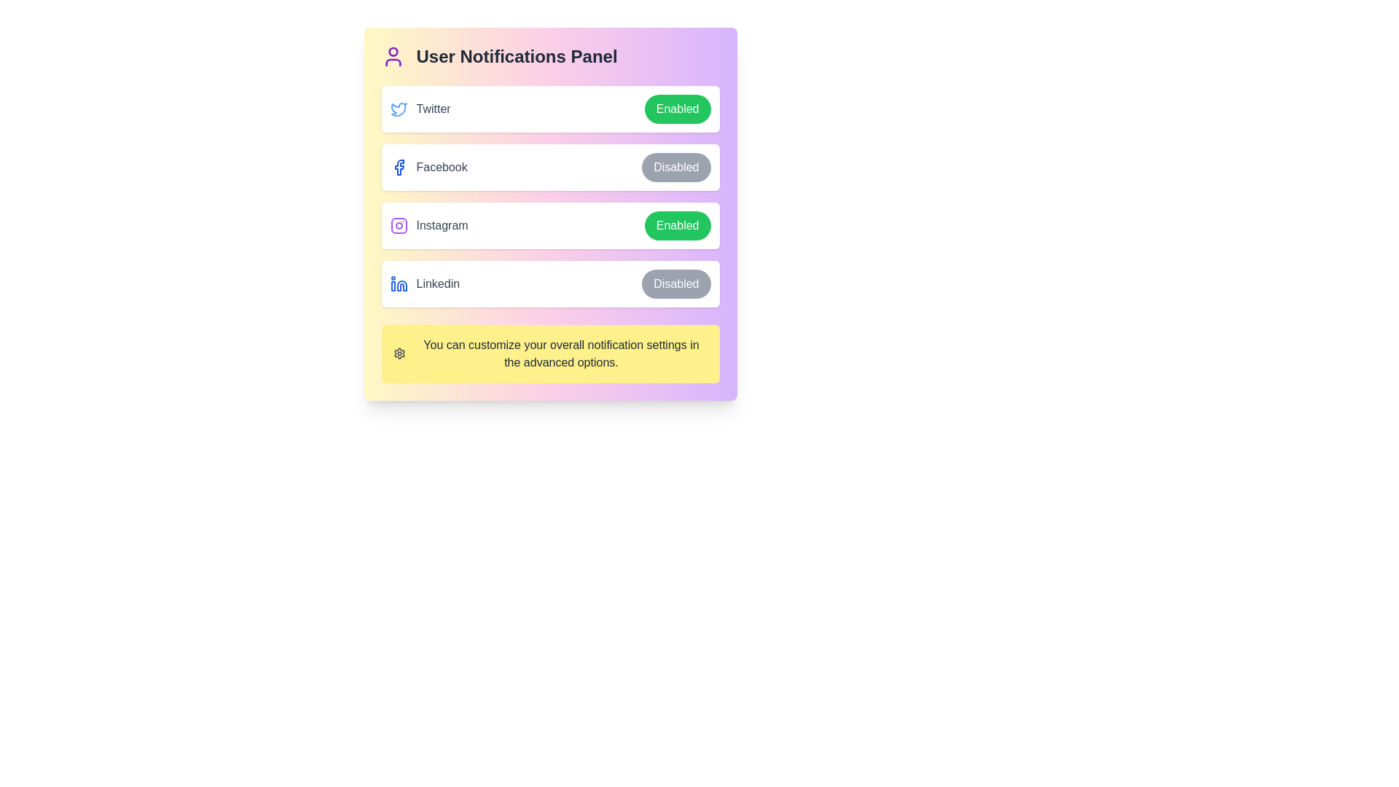 Image resolution: width=1399 pixels, height=787 pixels. What do you see at coordinates (420, 109) in the screenshot?
I see `the Twitter icon in the User Notifications Panel, which is a List item with an icon and text, located above the rows for Facebook, Instagram, and LinkedIn and to the left of the 'Enabled' button` at bounding box center [420, 109].